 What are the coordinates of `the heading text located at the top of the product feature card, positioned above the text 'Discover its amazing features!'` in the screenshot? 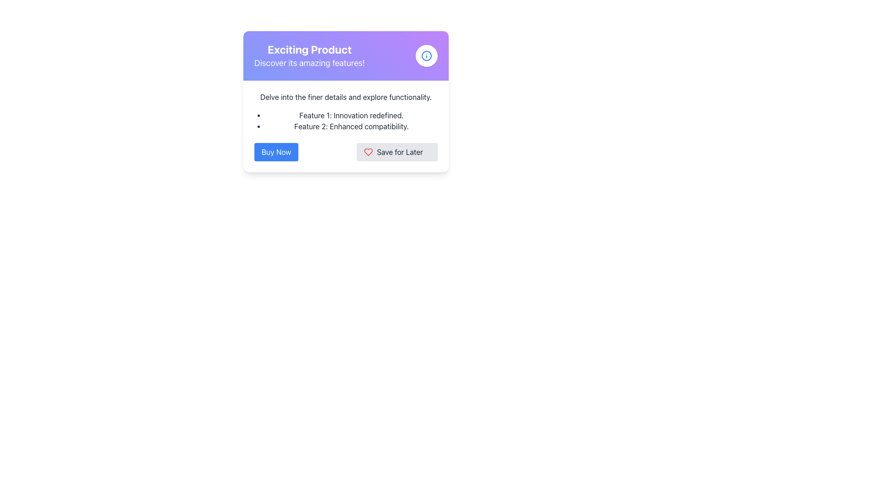 It's located at (309, 49).